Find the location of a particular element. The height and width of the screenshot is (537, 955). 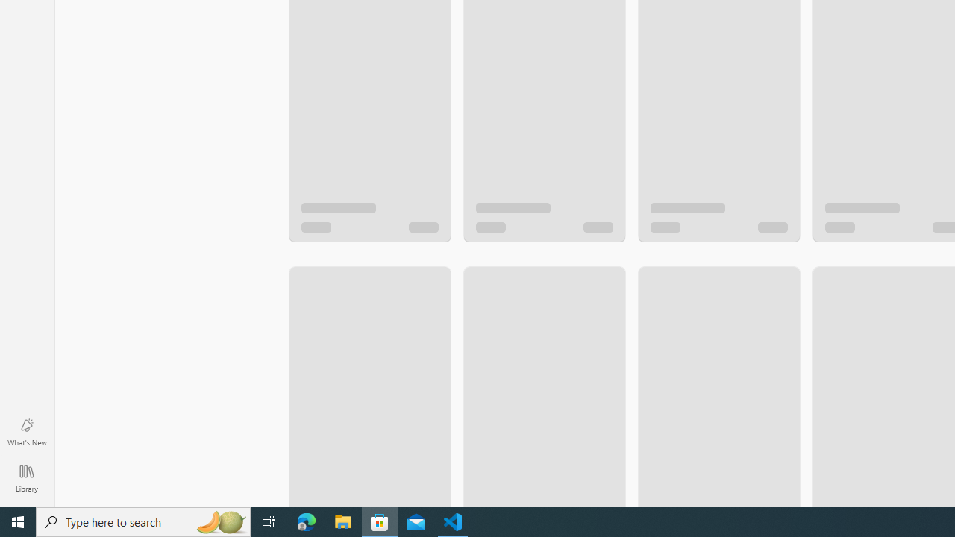

'Library' is located at coordinates (26, 477).